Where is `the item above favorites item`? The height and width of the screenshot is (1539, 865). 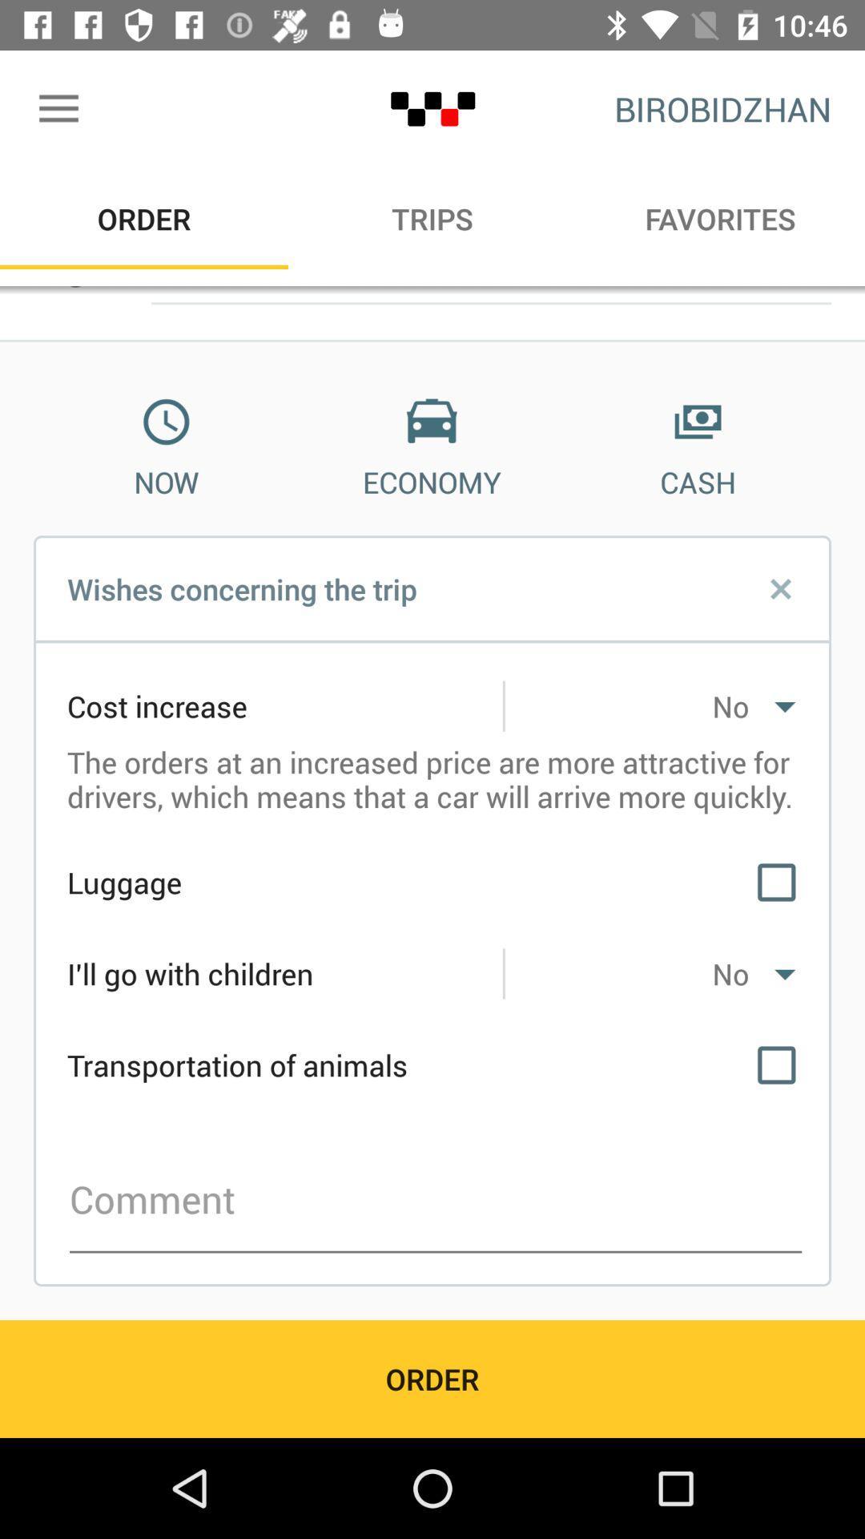 the item above favorites item is located at coordinates (722, 108).